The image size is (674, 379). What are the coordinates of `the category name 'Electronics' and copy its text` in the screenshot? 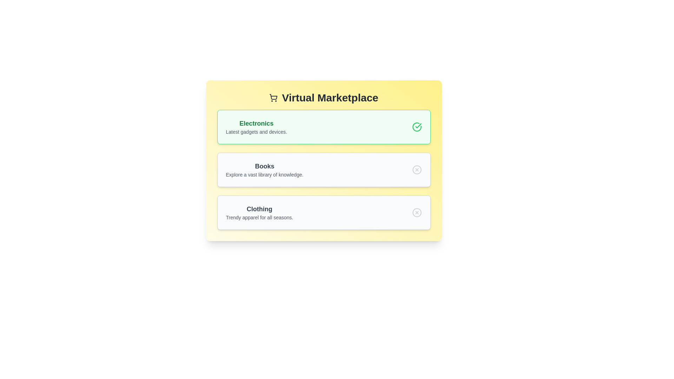 It's located at (256, 123).